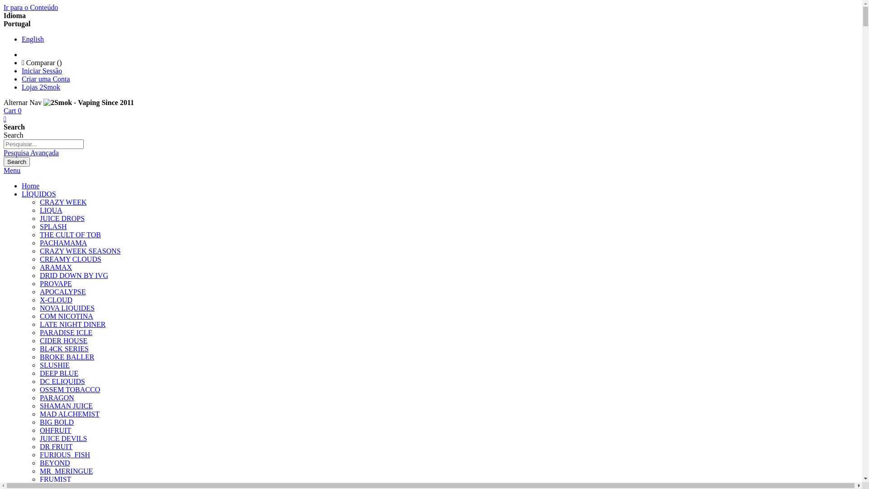 This screenshot has height=489, width=869. What do you see at coordinates (67, 356) in the screenshot?
I see `'BROKE BALLER'` at bounding box center [67, 356].